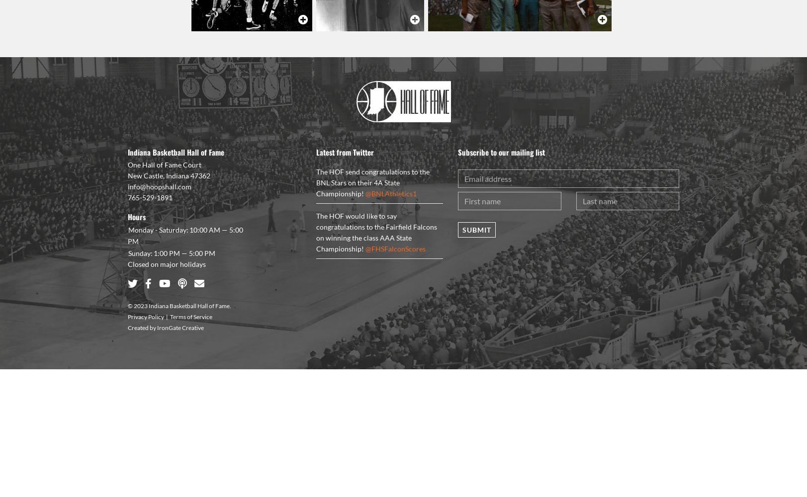 The height and width of the screenshot is (497, 807). What do you see at coordinates (501, 152) in the screenshot?
I see `'Subscribe to our mailing list'` at bounding box center [501, 152].